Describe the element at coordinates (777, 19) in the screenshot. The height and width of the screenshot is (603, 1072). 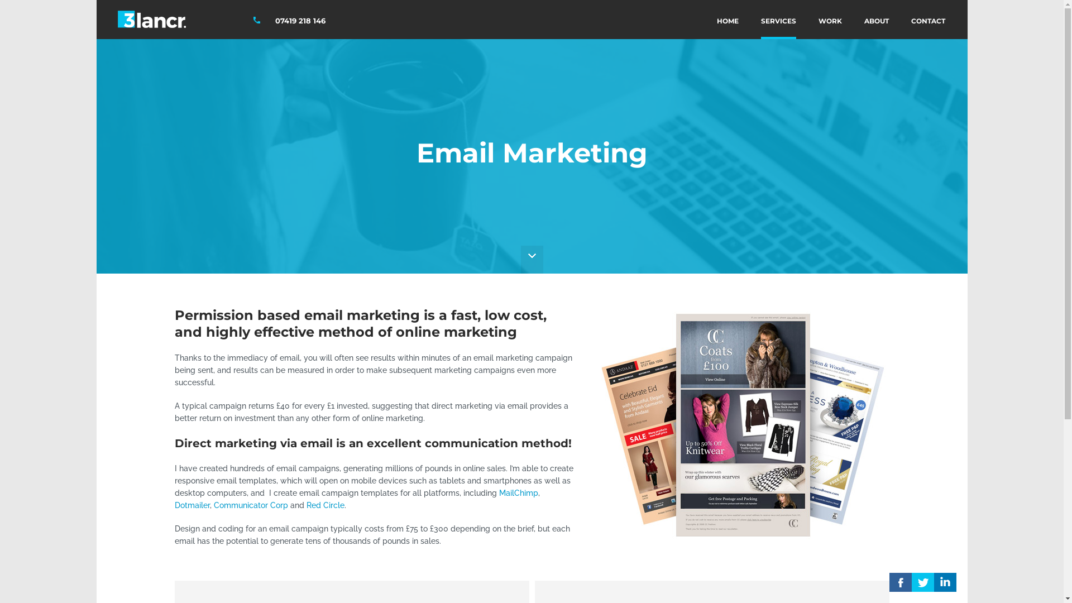
I see `'SERVICES'` at that location.